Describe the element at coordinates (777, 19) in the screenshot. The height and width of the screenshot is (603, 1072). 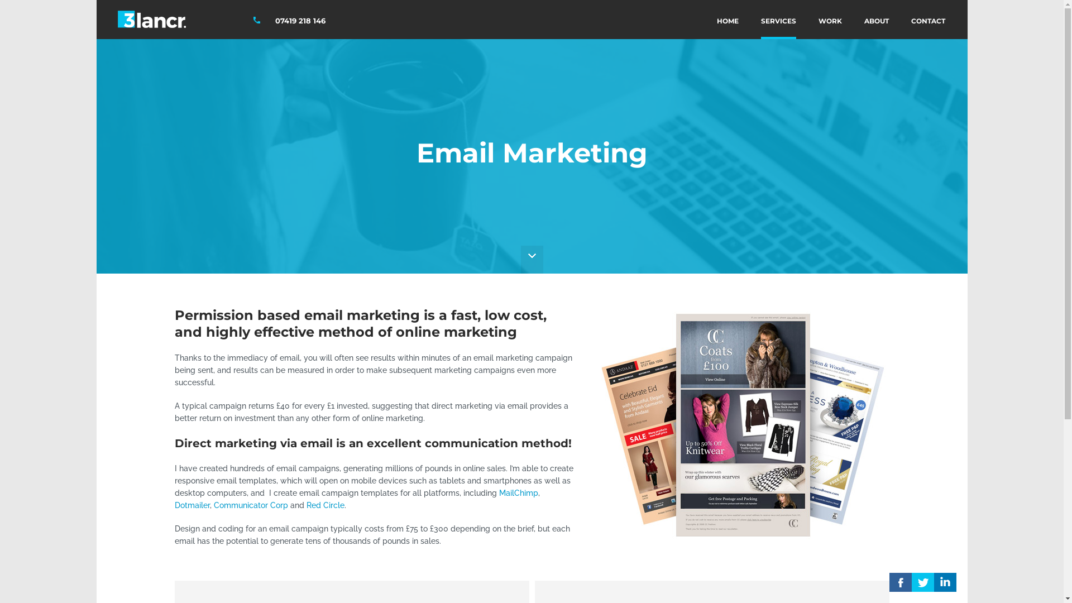
I see `'SERVICES'` at that location.